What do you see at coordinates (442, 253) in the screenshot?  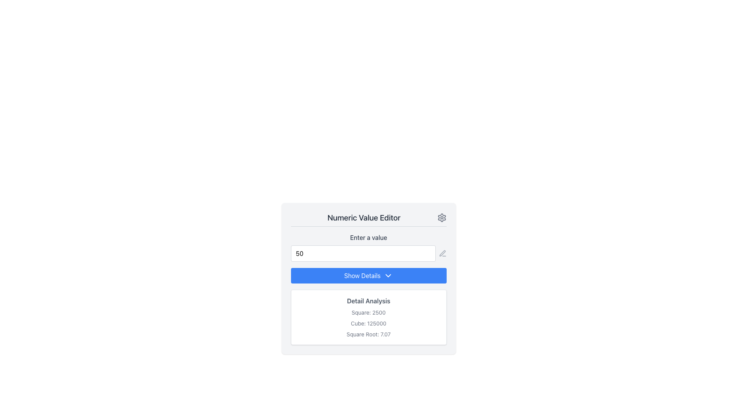 I see `the stylized pencil icon located near the top-right corner of the Numeric Value Editor to initiate editing` at bounding box center [442, 253].